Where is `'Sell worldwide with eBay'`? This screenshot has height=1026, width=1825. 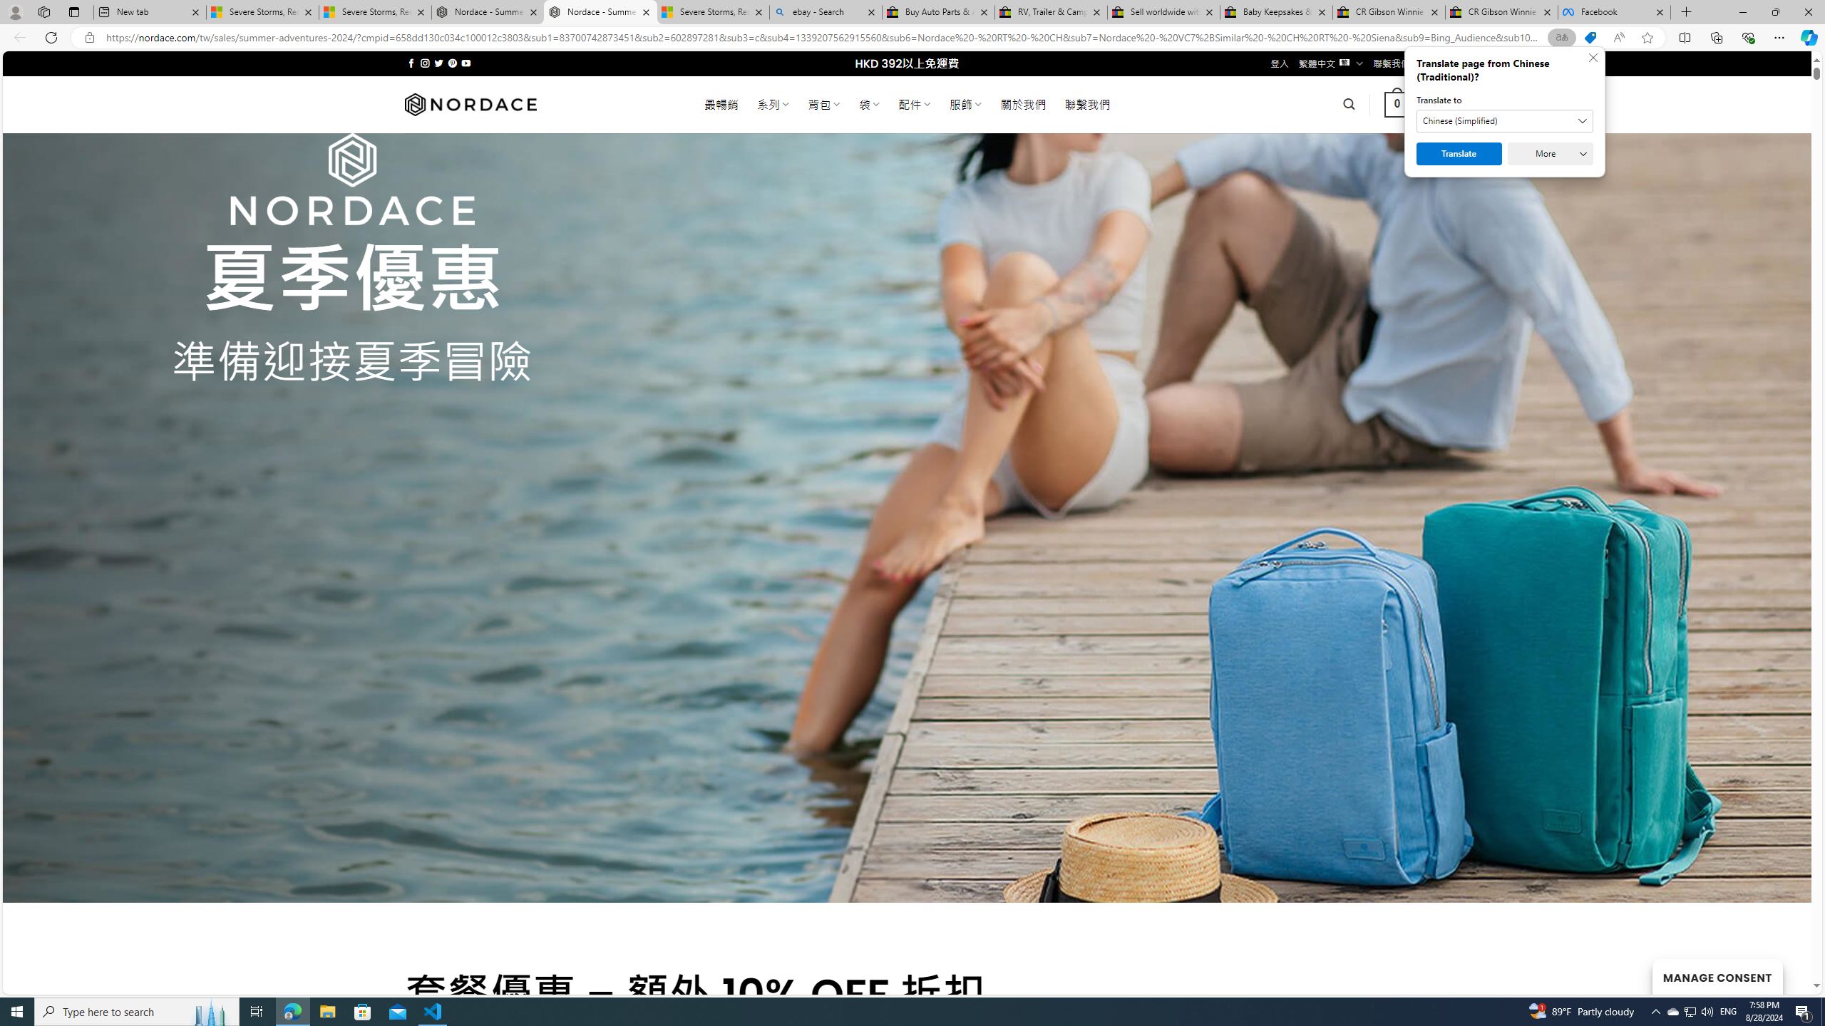 'Sell worldwide with eBay' is located at coordinates (1163, 11).